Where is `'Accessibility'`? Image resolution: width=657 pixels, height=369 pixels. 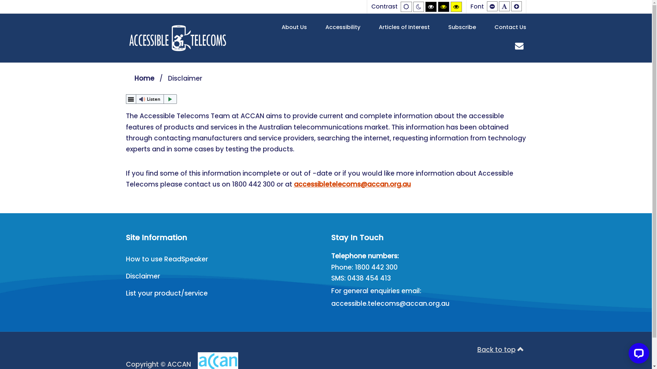
'Accessibility' is located at coordinates (343, 27).